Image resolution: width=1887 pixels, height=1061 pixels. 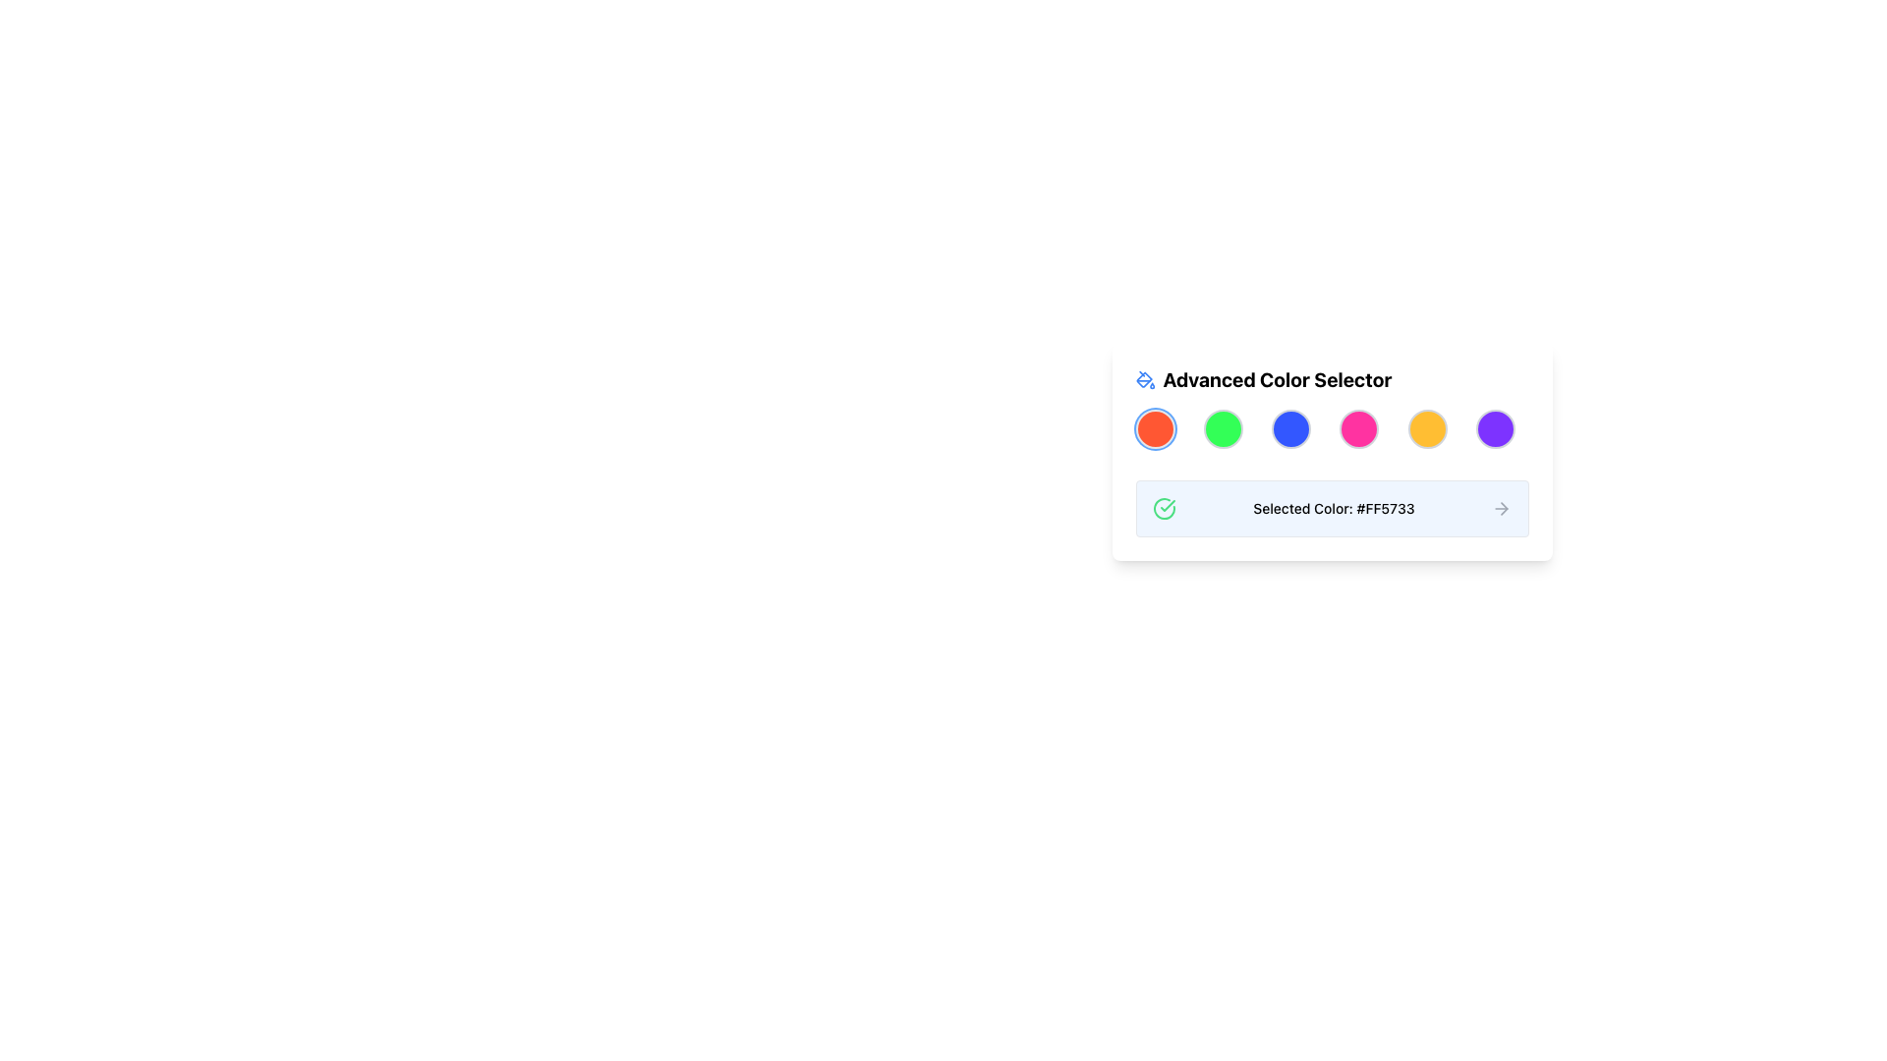 What do you see at coordinates (1332, 427) in the screenshot?
I see `any circle in the Grid of Circular Buttons` at bounding box center [1332, 427].